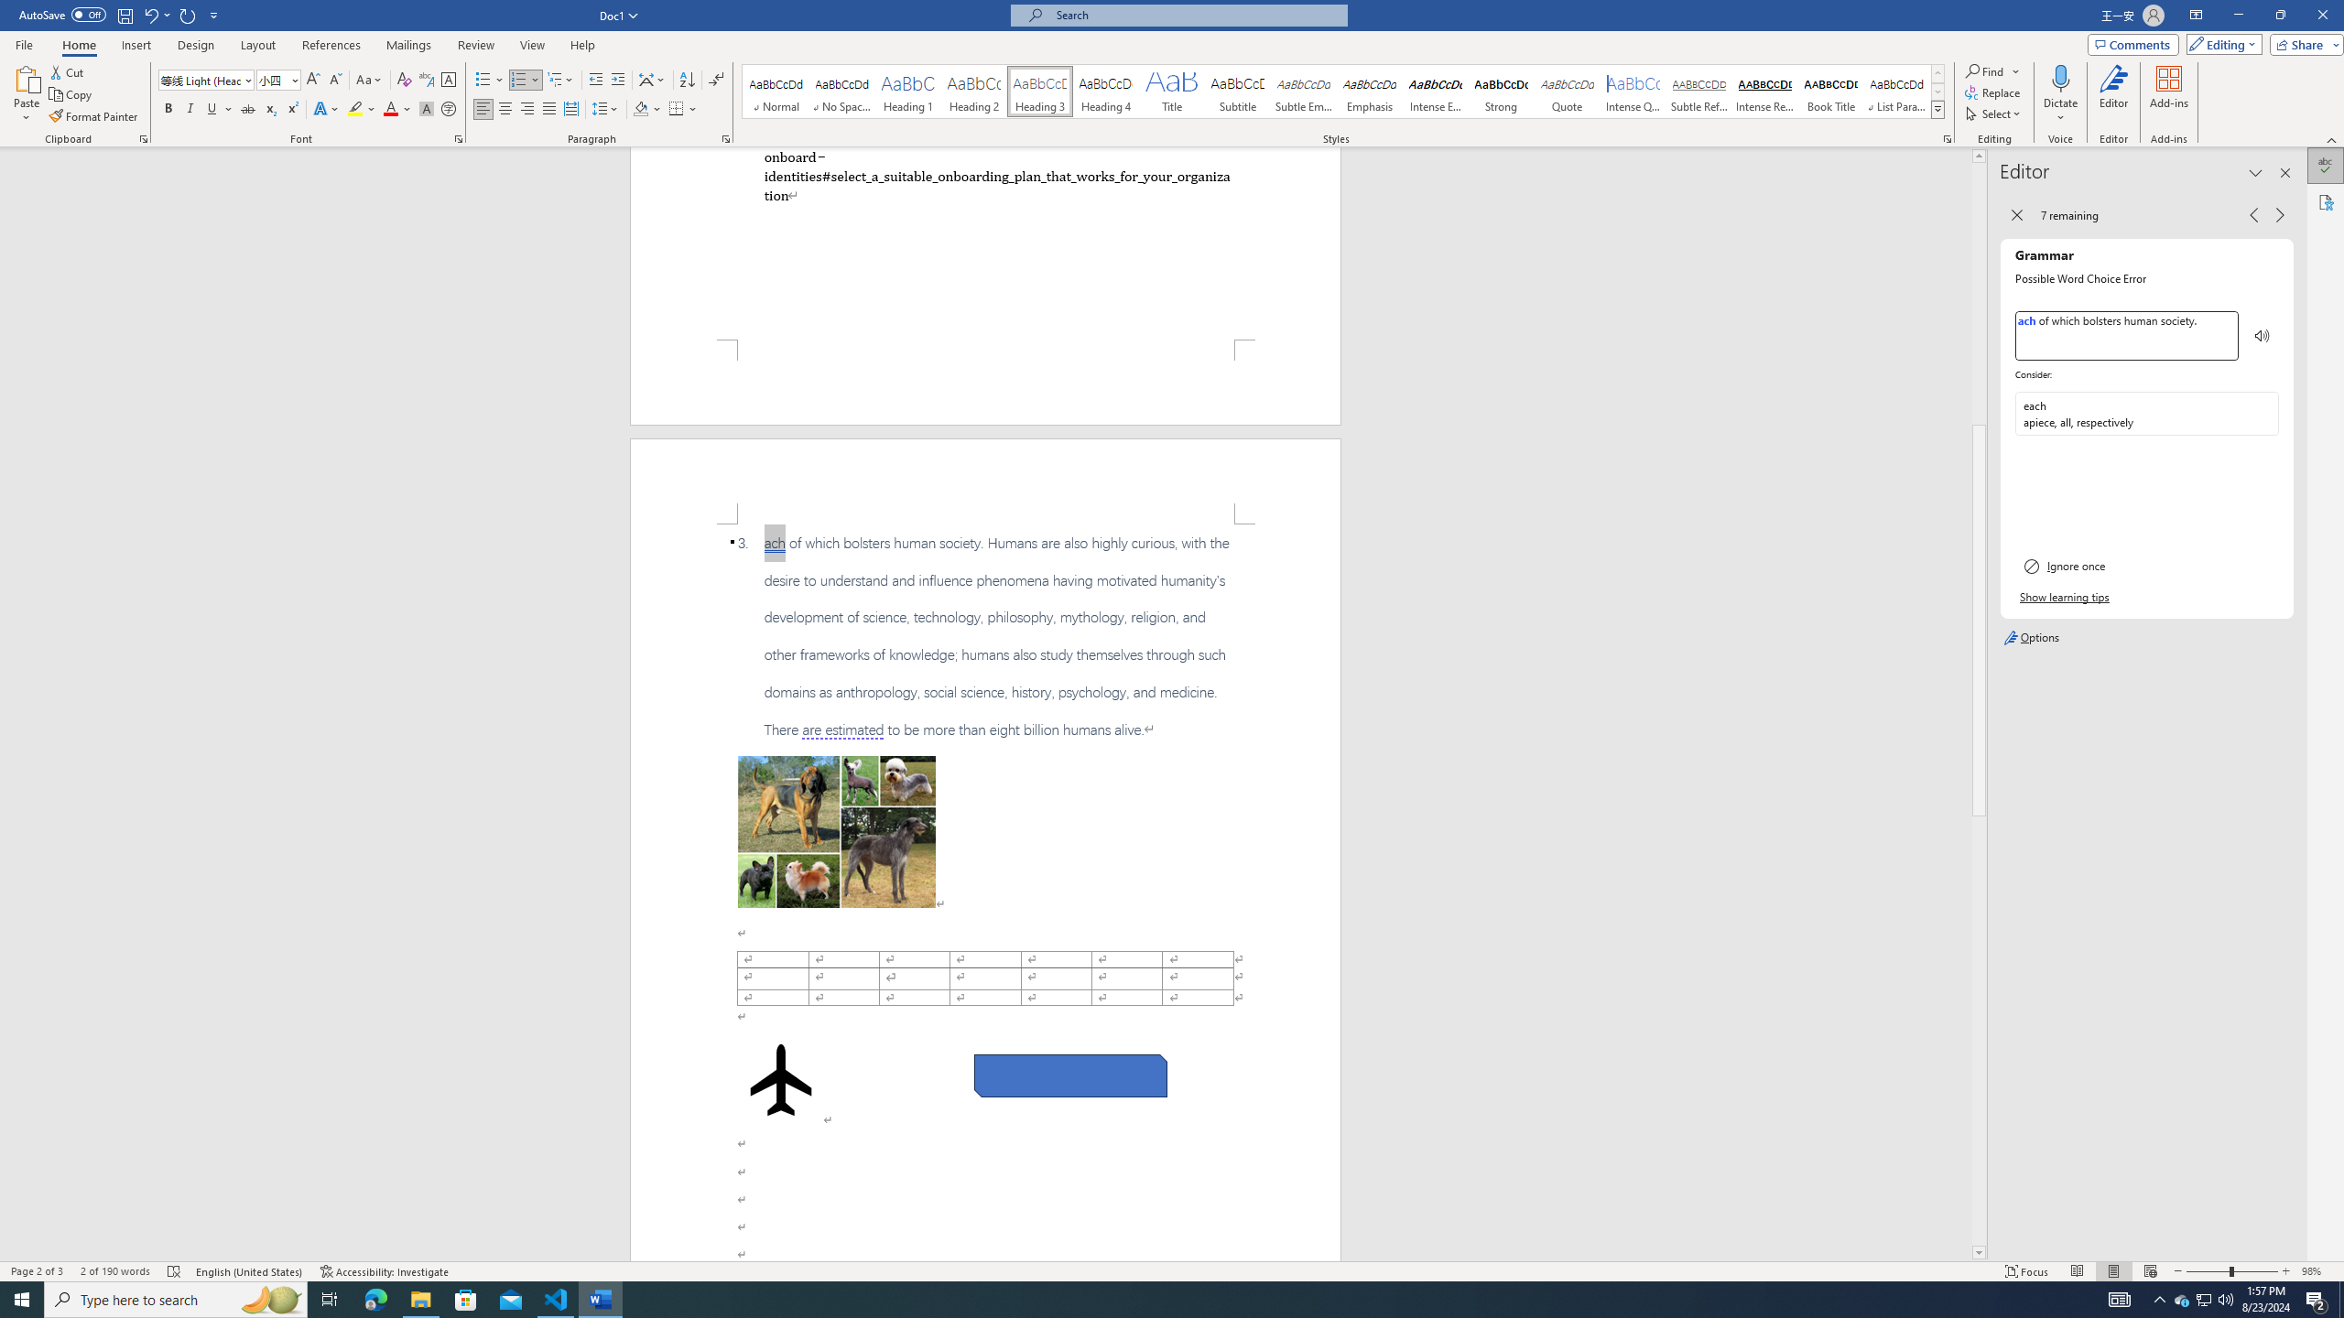  Describe the element at coordinates (2280, 214) in the screenshot. I see `'Next Issue, 7 remaining'` at that location.